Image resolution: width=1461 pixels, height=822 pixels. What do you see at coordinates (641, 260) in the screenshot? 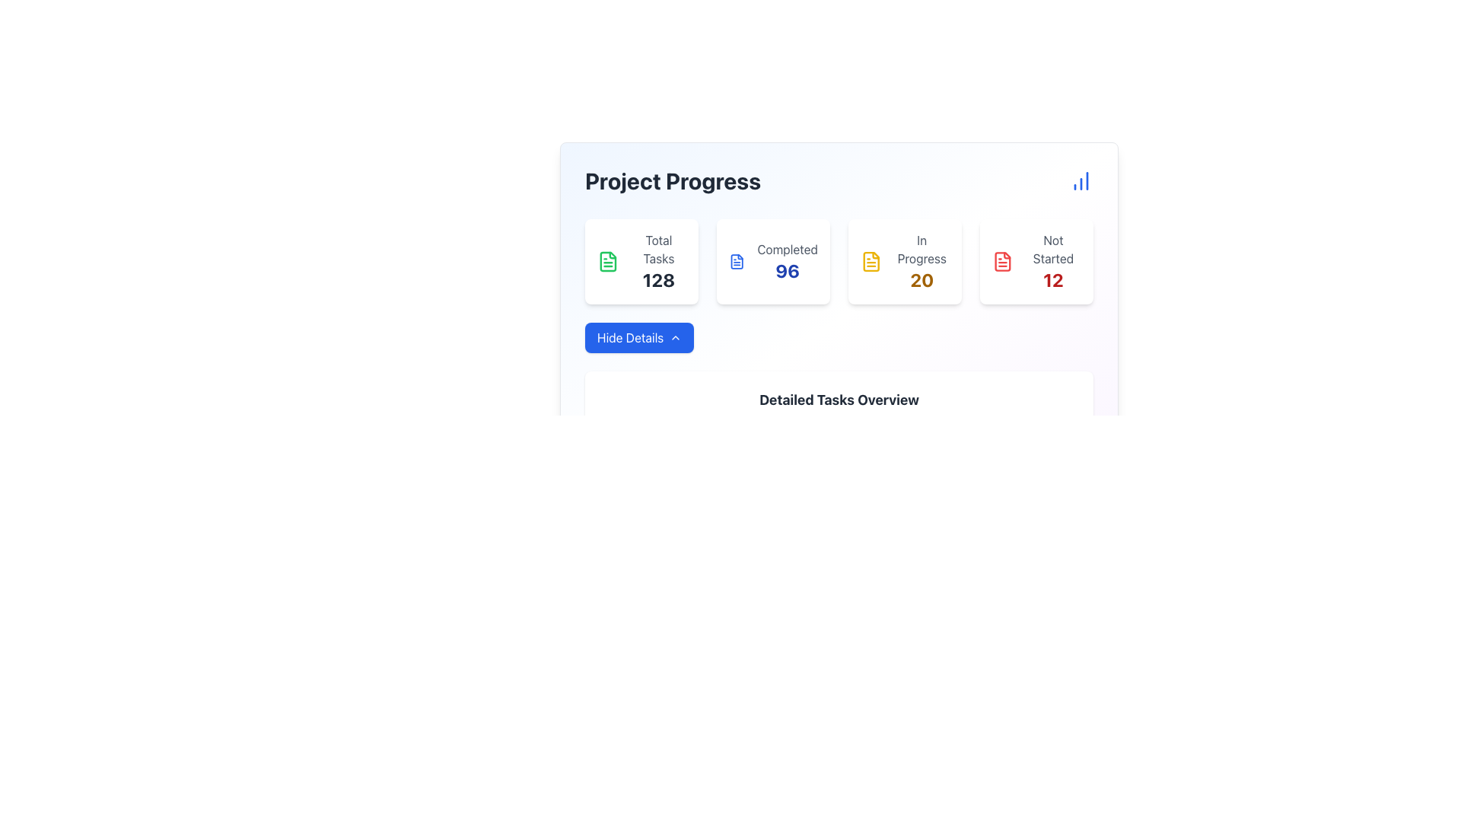
I see `the first card component that summarizes the total number of tasks in the project to highlight it` at bounding box center [641, 260].